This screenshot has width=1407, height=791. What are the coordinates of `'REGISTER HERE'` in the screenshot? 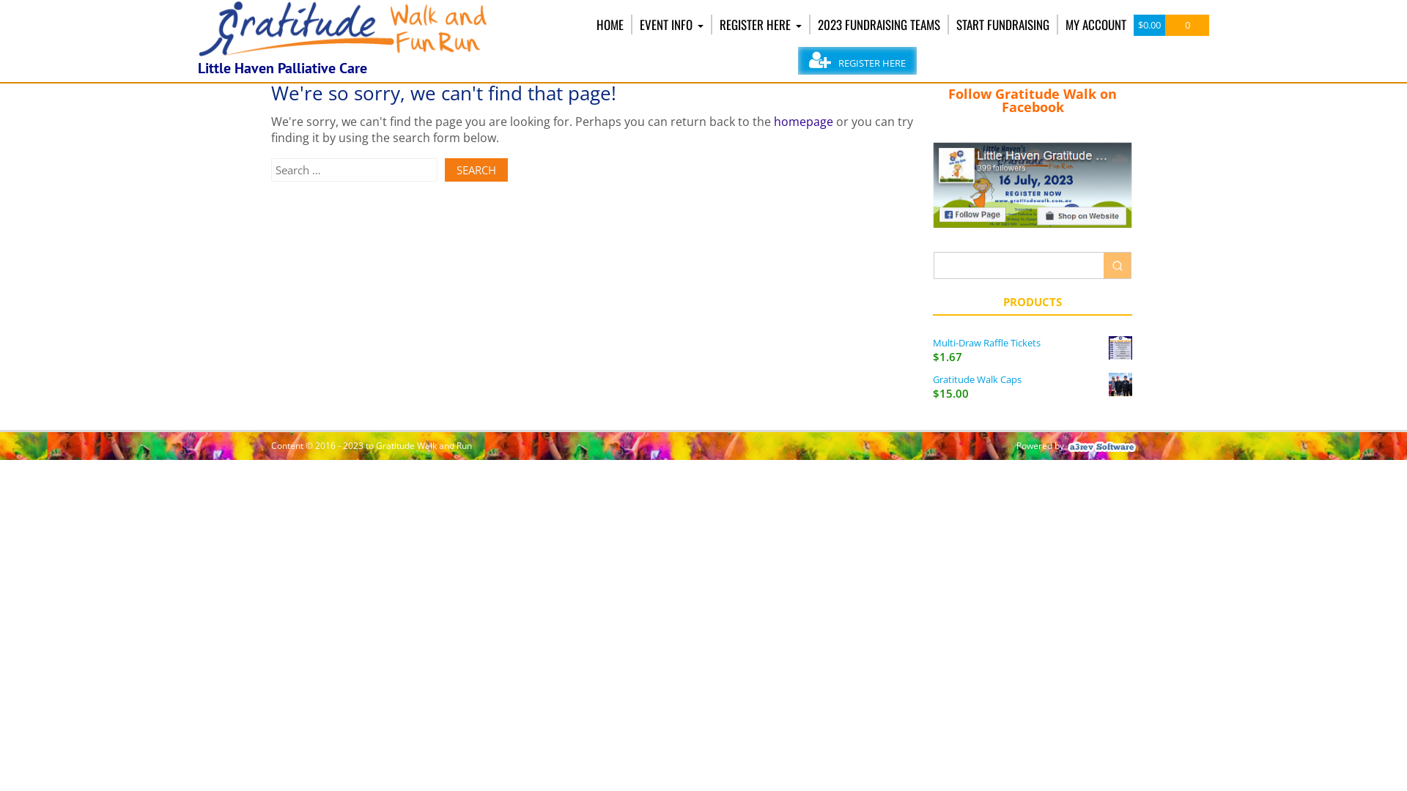 It's located at (857, 60).